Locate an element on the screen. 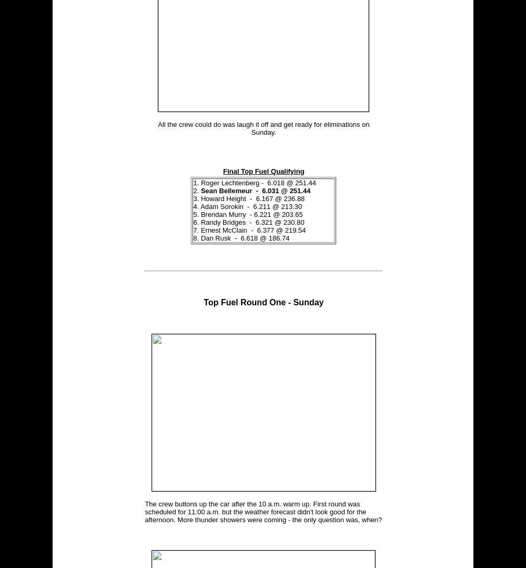 This screenshot has height=568, width=526. '5. Brendan Murry  - 6.221 @ 203.65' is located at coordinates (247, 214).